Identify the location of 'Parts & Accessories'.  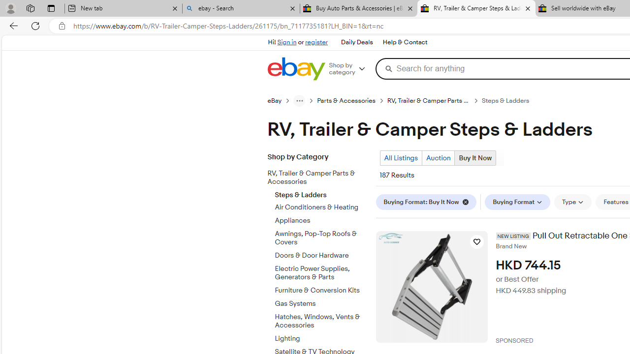
(346, 101).